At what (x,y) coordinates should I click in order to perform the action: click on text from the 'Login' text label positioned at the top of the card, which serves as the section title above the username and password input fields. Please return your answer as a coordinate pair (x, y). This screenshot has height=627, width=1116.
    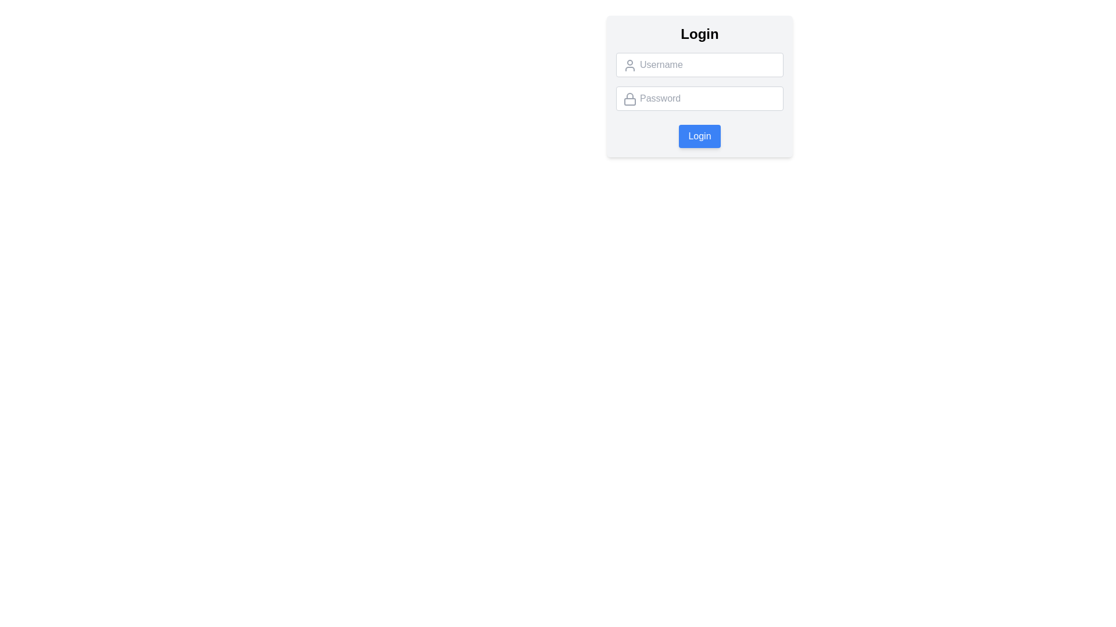
    Looking at the image, I should click on (699, 33).